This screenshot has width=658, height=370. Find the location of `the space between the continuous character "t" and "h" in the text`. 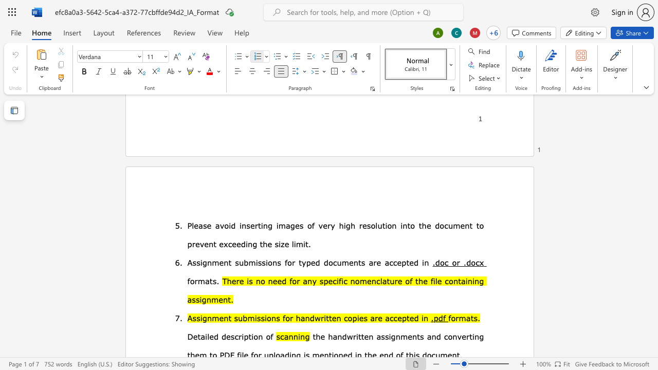

the space between the continuous character "t" and "h" in the text is located at coordinates (418, 281).